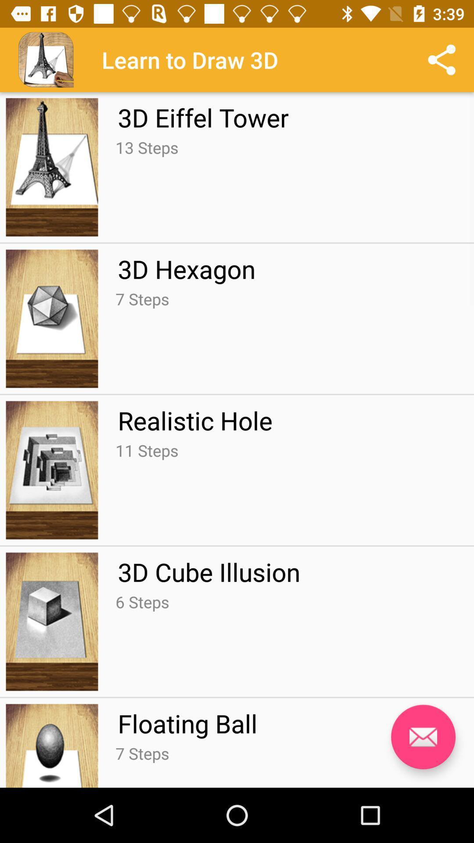 This screenshot has width=474, height=843. I want to click on the 3d hexagon app, so click(186, 268).